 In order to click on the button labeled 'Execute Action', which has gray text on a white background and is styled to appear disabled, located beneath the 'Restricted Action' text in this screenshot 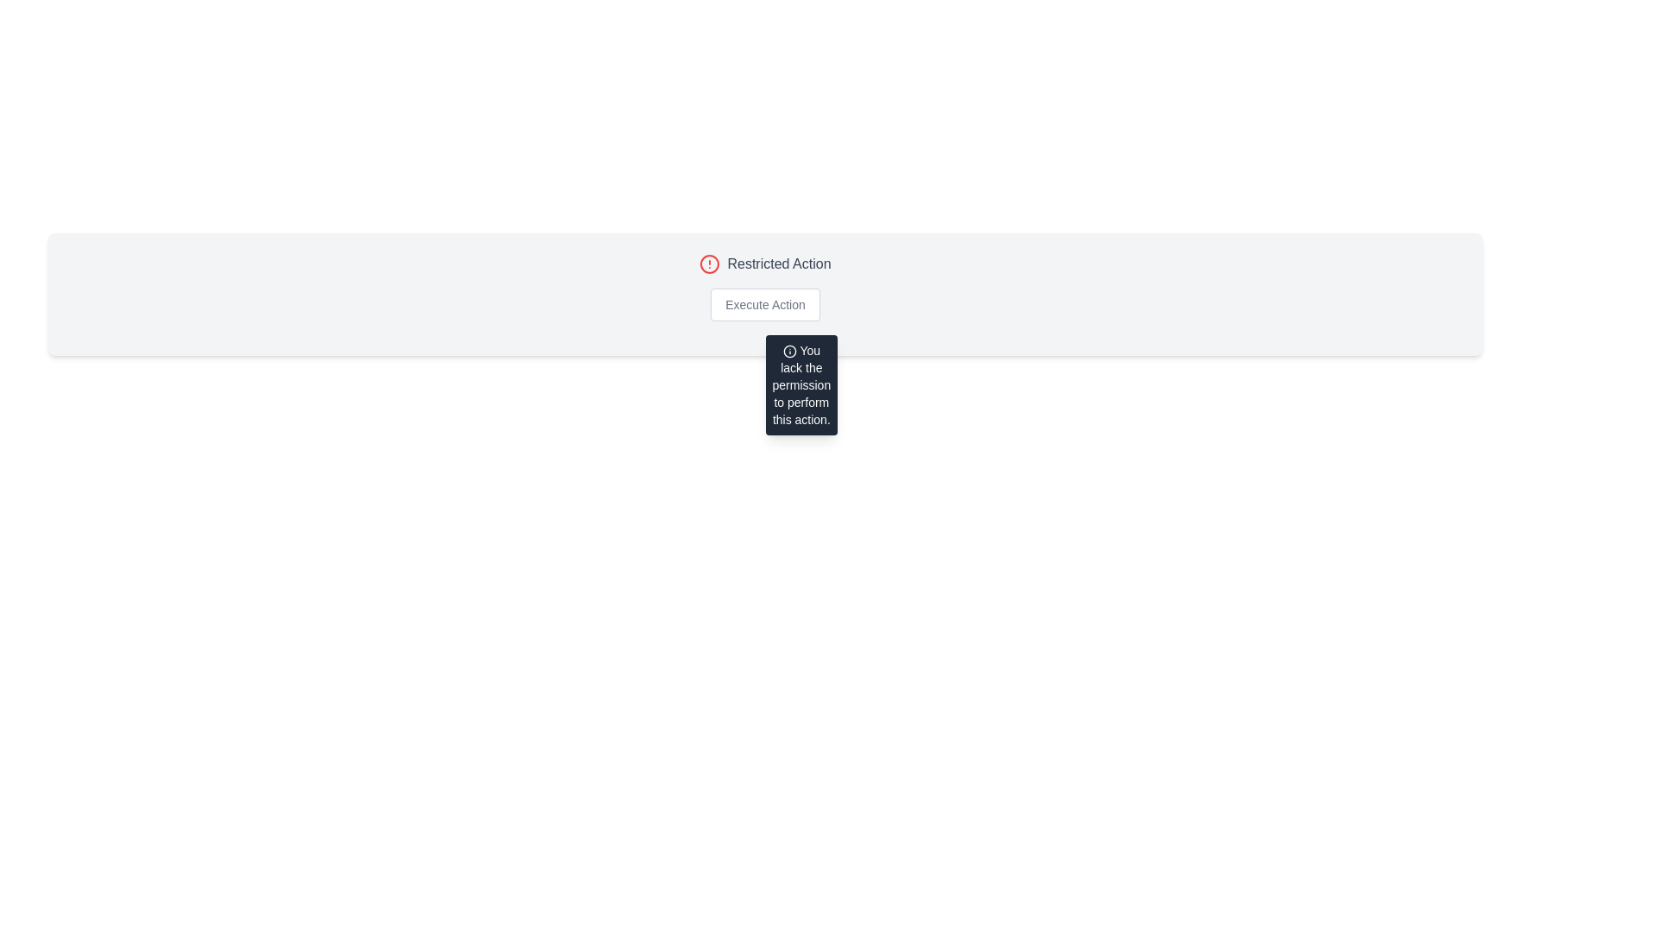, I will do `click(764, 304)`.